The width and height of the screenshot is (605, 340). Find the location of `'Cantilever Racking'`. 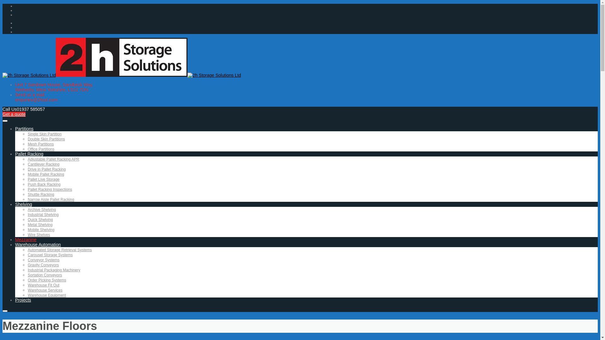

'Cantilever Racking' is located at coordinates (43, 164).